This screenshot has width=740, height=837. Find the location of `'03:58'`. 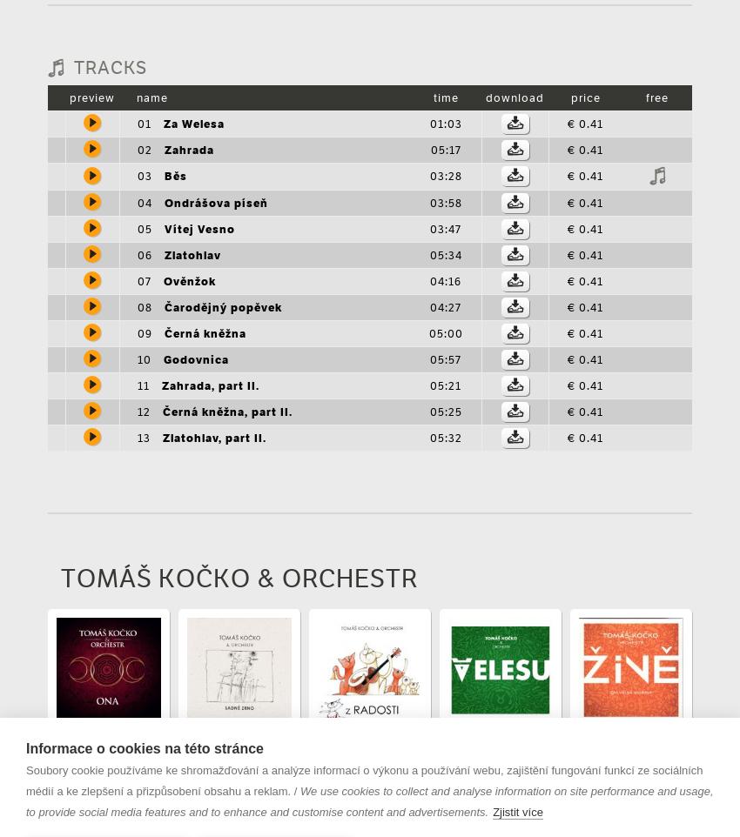

'03:58' is located at coordinates (428, 201).